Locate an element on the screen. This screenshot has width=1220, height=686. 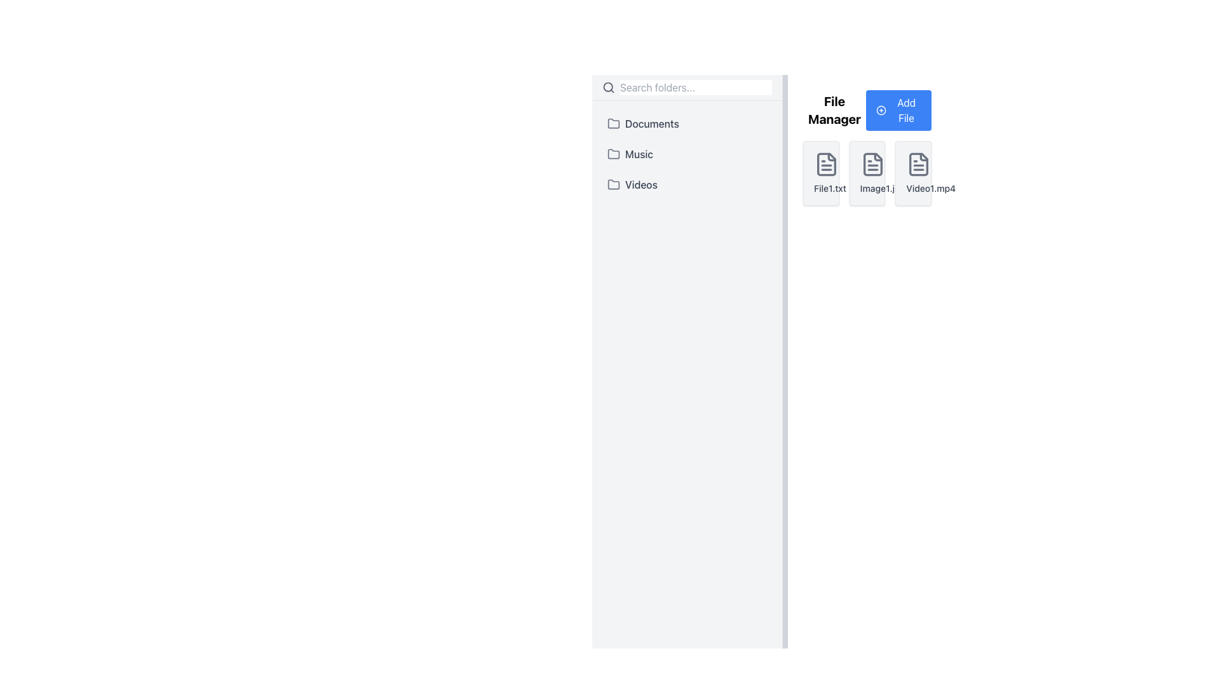
the 'Documents' text label located in the sidebar for navigation and organization within the file management interface is located at coordinates (652, 124).